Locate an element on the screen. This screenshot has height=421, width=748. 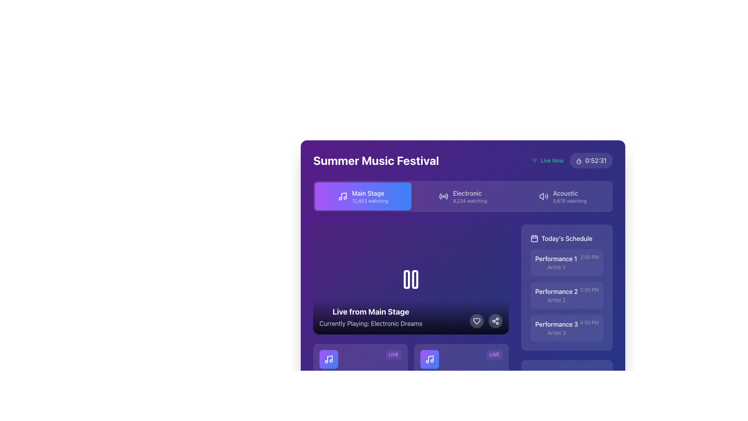
the static text label that reads 'Currently Playing: Electronic Dreams', which is styled in light slate color and is located below the 'Live from Main Stage' text is located at coordinates (370, 324).